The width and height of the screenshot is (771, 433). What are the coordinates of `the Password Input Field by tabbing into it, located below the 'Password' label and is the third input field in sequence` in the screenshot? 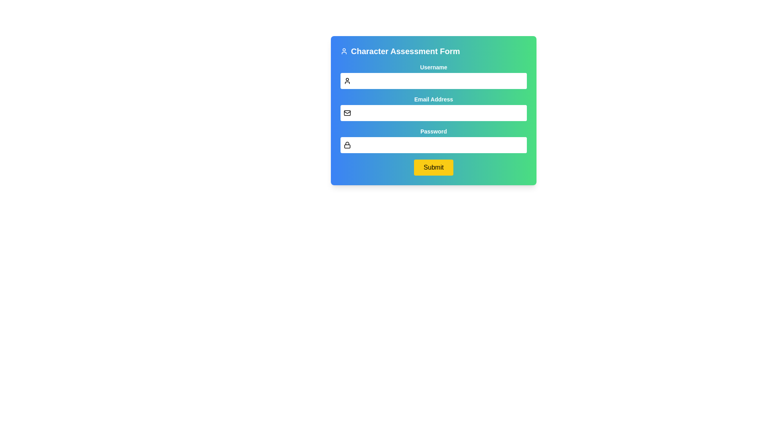 It's located at (433, 145).